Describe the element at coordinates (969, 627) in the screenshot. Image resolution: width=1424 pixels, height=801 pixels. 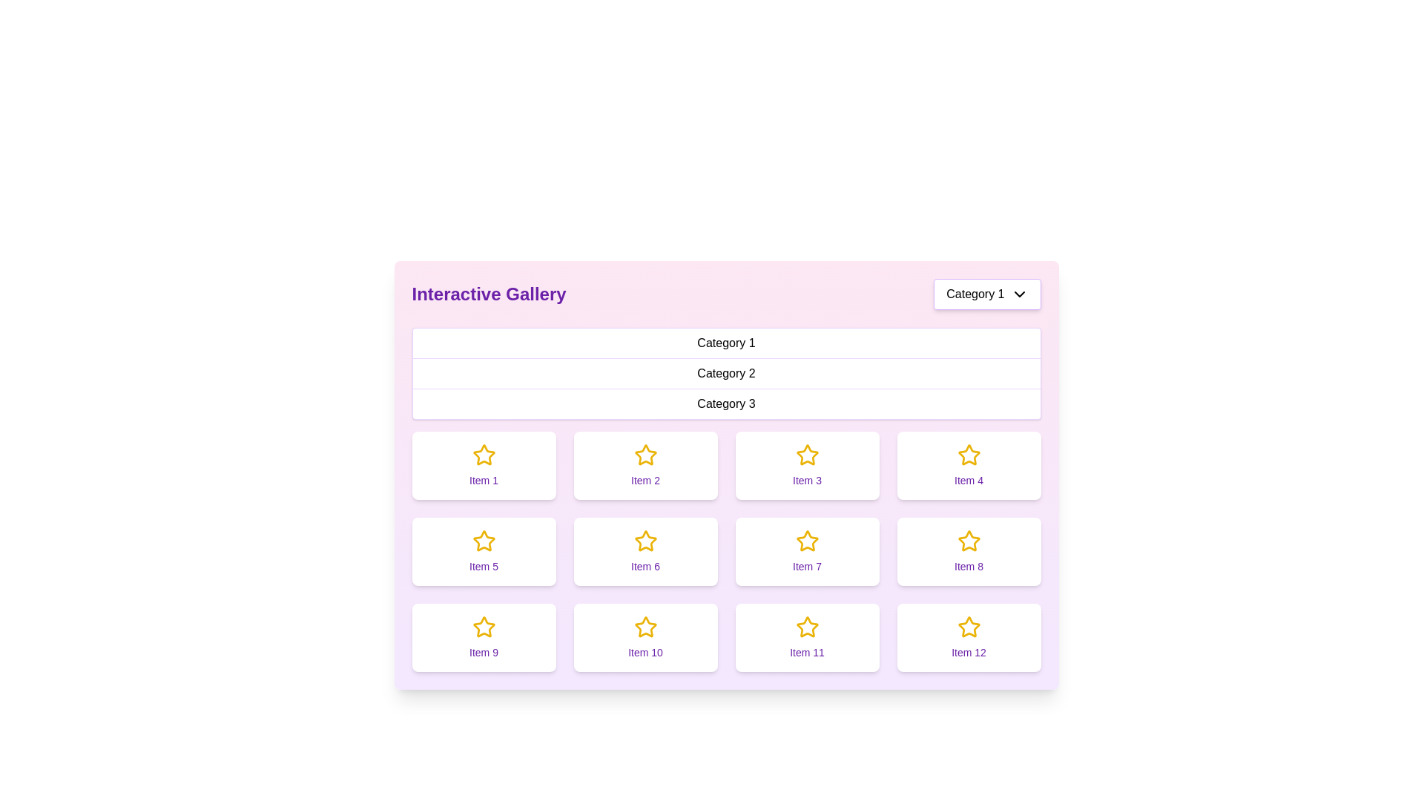
I see `the star icon representing the favorite feature for 'Item 12', located in the bottom-right corner of the grid` at that location.